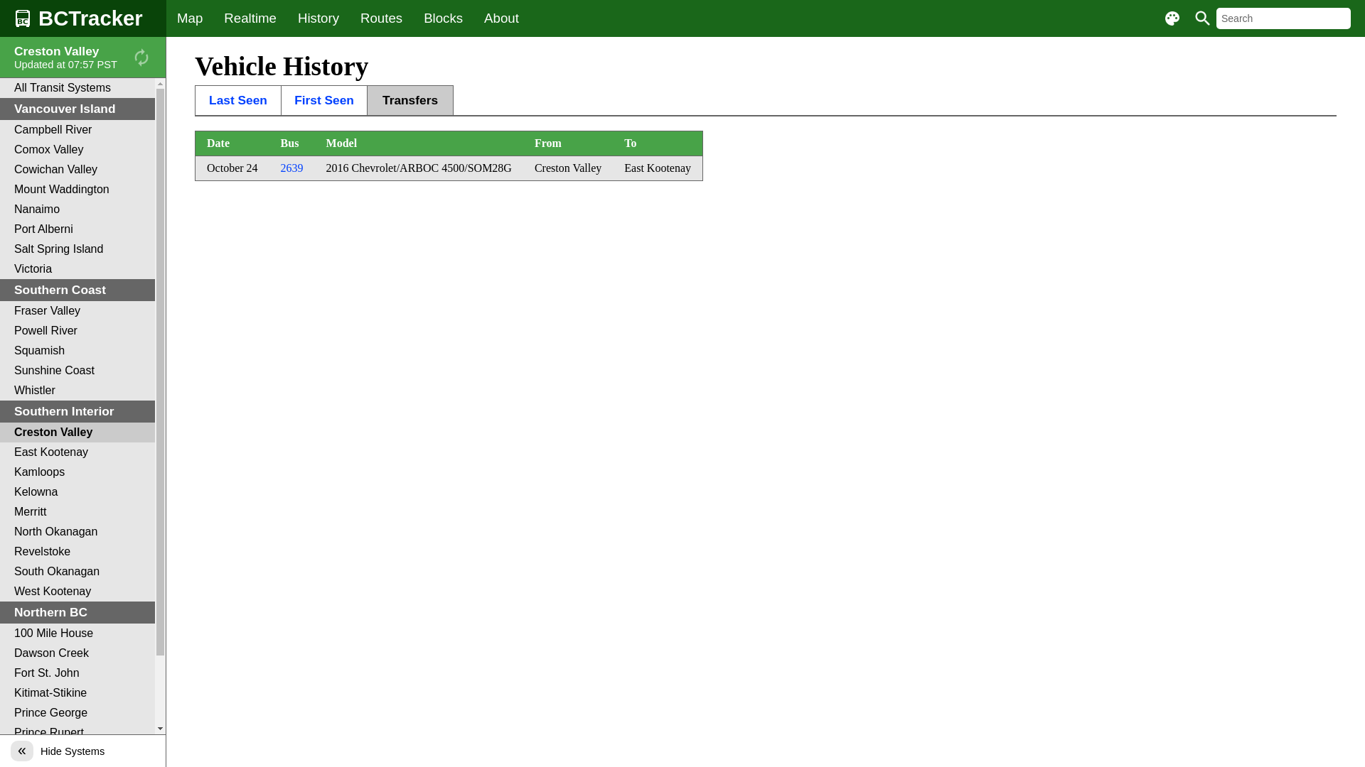  What do you see at coordinates (323, 99) in the screenshot?
I see `'First Seen'` at bounding box center [323, 99].